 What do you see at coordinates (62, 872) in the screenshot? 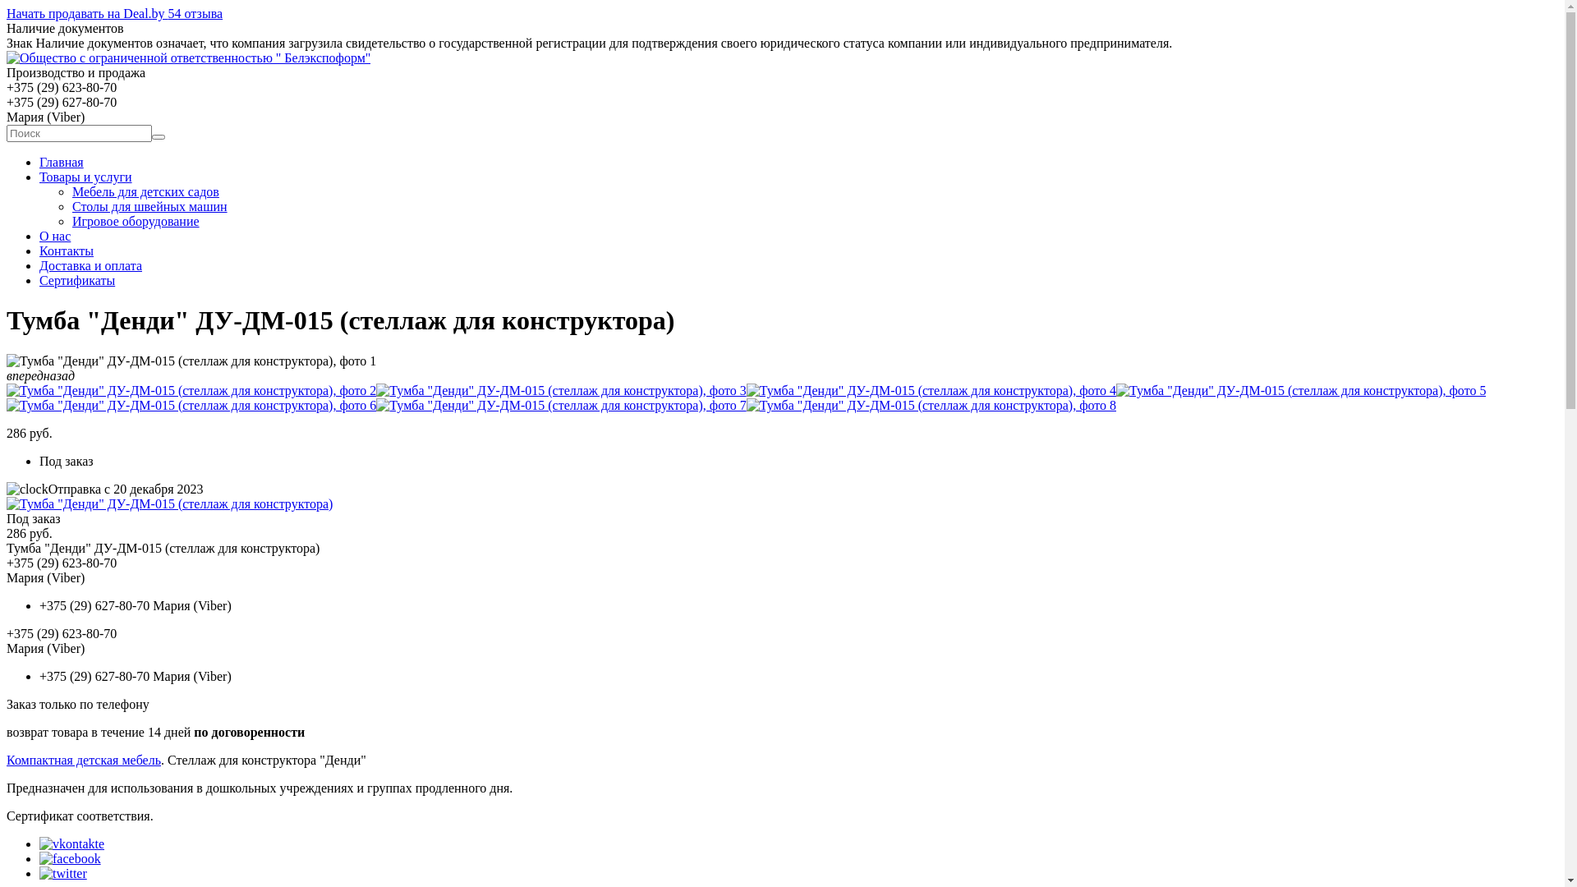
I see `'twitter'` at bounding box center [62, 872].